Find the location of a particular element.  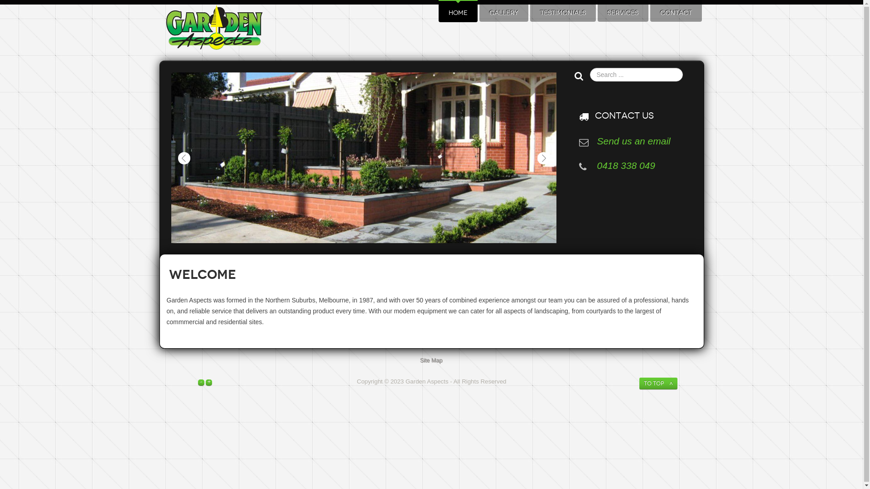

'CONTACT' is located at coordinates (676, 13).